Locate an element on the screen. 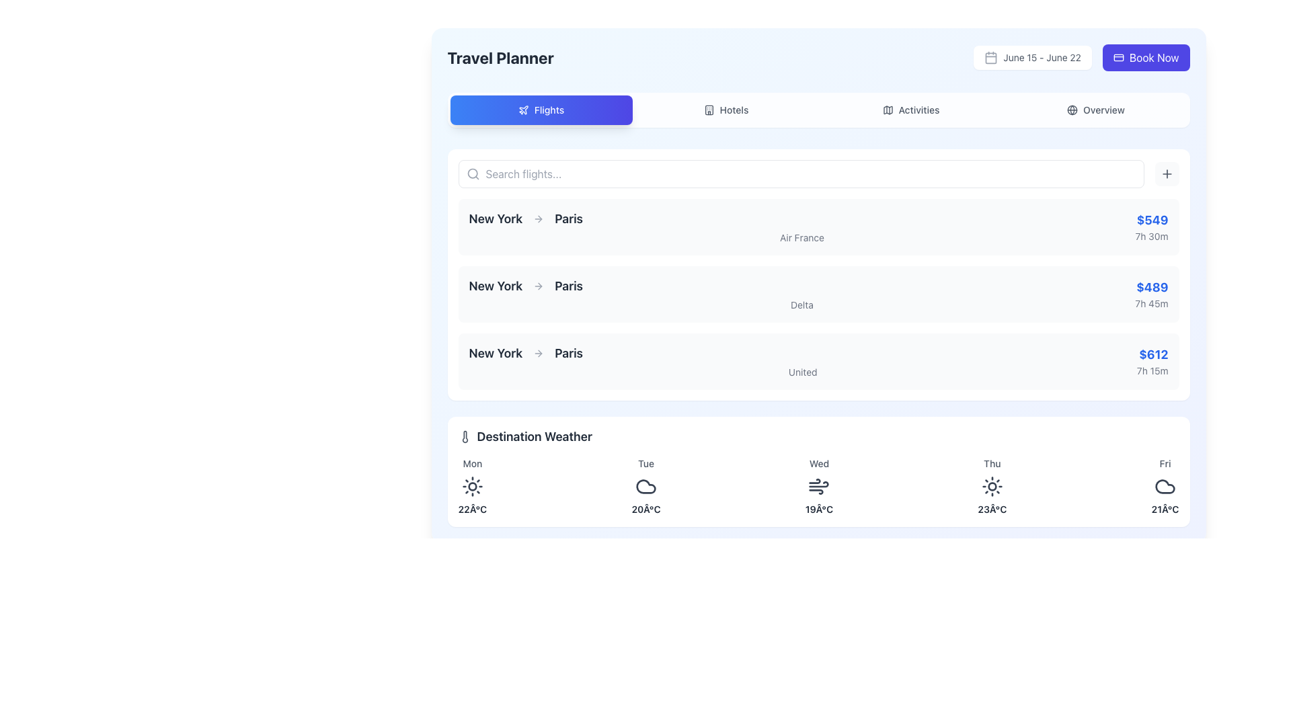 The width and height of the screenshot is (1291, 726). the circular SVG element representing the sun icon located in the 'Thu' column of the 'Destination Weather' section is located at coordinates (992, 487).